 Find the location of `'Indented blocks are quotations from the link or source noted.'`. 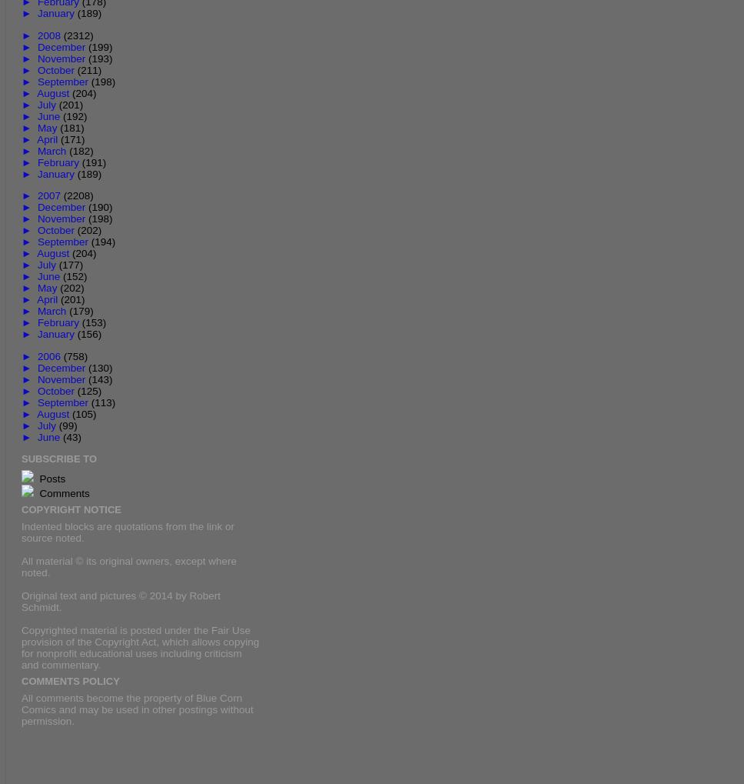

'Indented blocks are quotations from the link or source noted.' is located at coordinates (128, 530).